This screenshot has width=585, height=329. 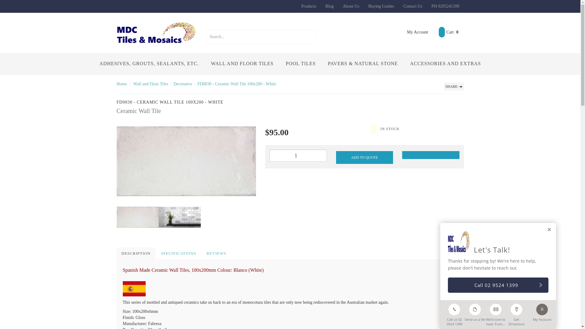 What do you see at coordinates (496, 313) in the screenshot?
I see `'We'd love to hear from...'` at bounding box center [496, 313].